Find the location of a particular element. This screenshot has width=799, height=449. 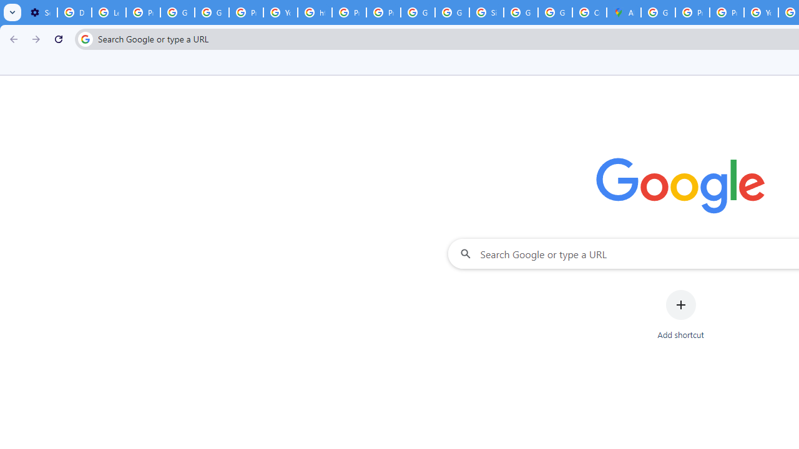

'Delete photos & videos - Computer - Google Photos Help' is located at coordinates (74, 12).